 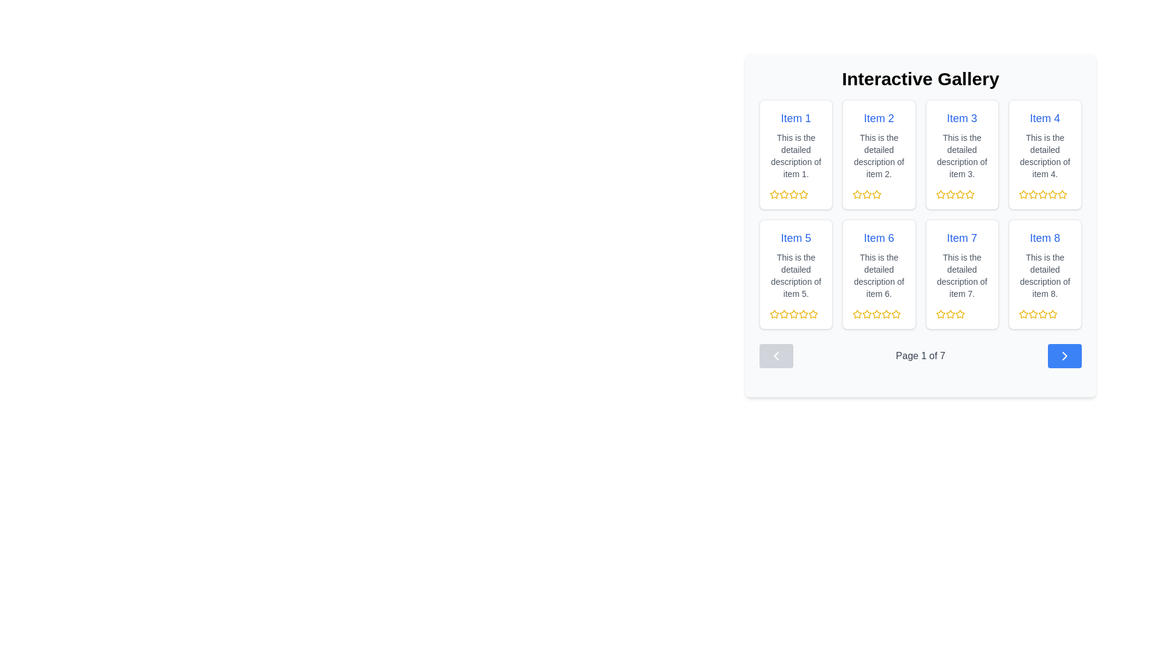 I want to click on the second star icon in the rating component under 'Item 6', so click(x=877, y=313).